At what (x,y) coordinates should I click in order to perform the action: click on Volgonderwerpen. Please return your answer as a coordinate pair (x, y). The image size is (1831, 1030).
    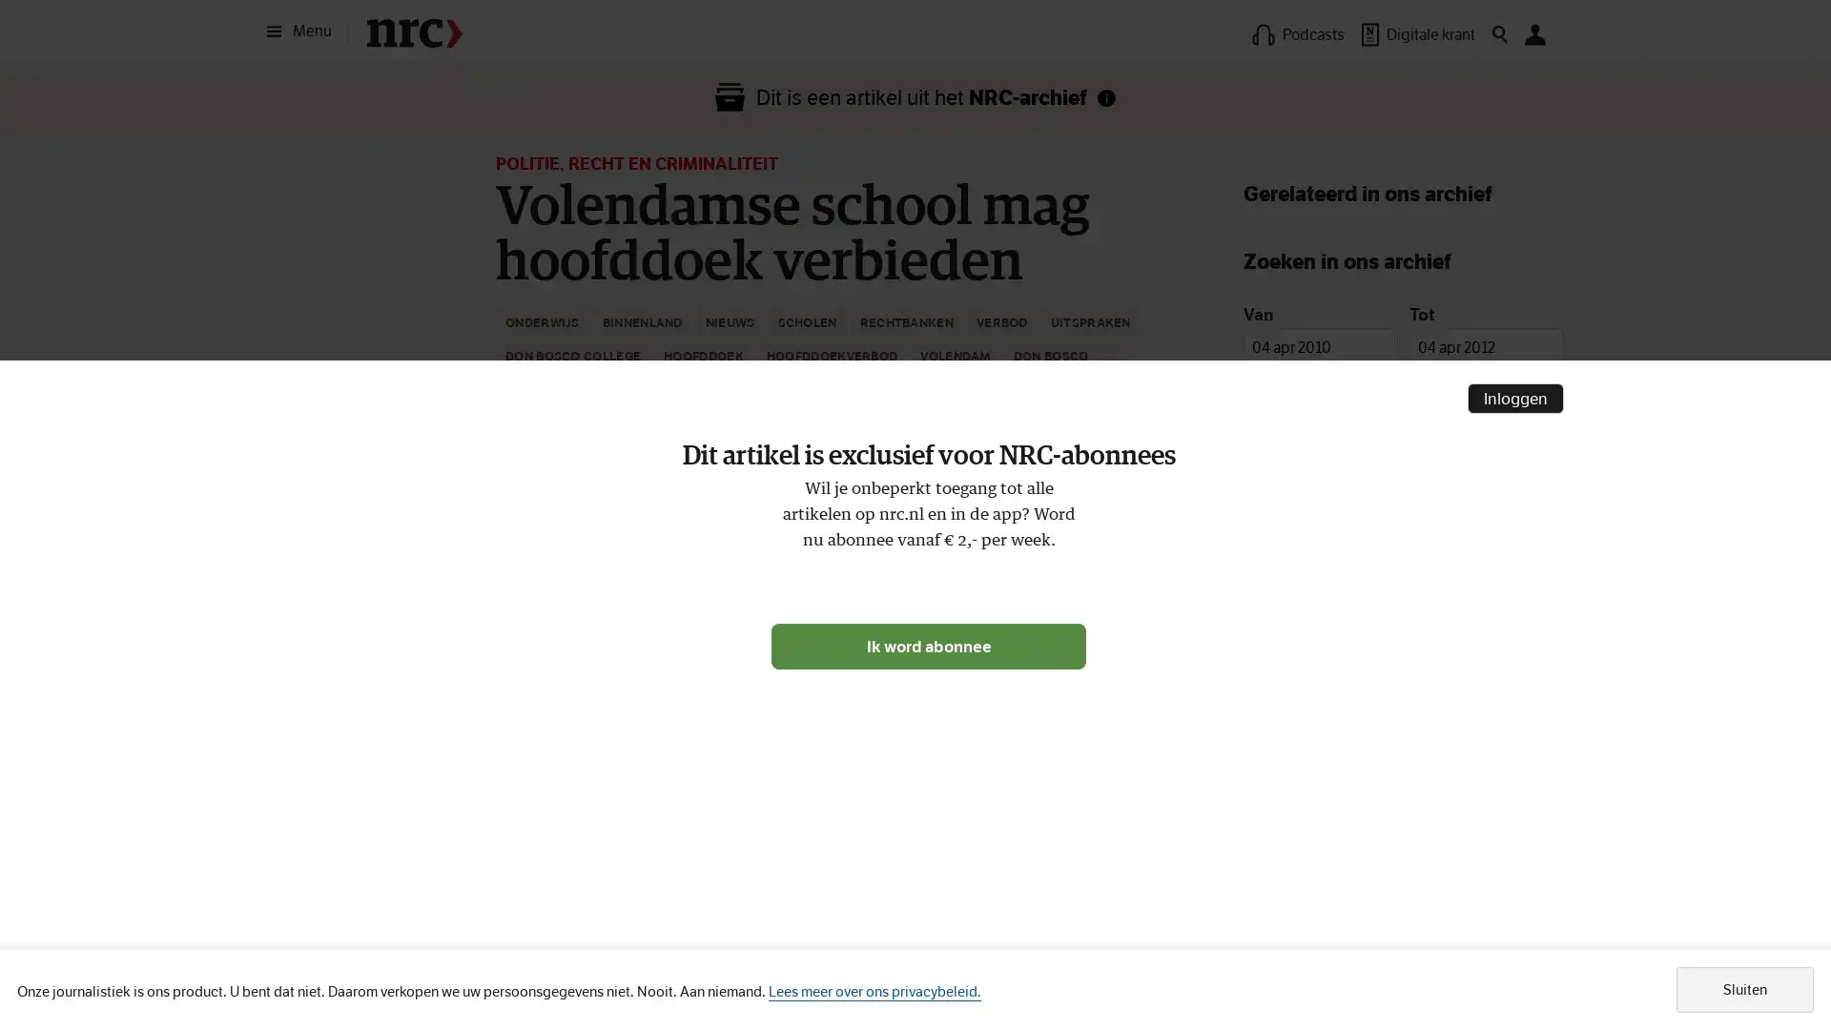
    Looking at the image, I should click on (940, 581).